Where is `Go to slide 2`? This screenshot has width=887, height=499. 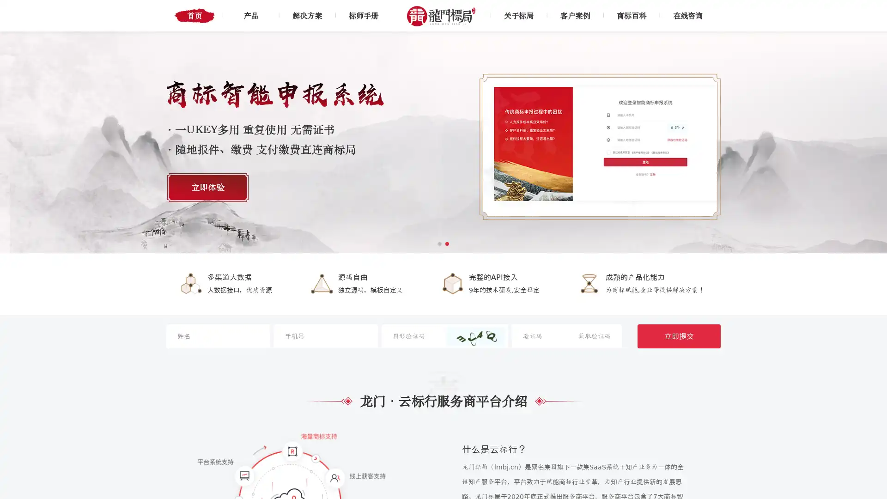
Go to slide 2 is located at coordinates (447, 243).